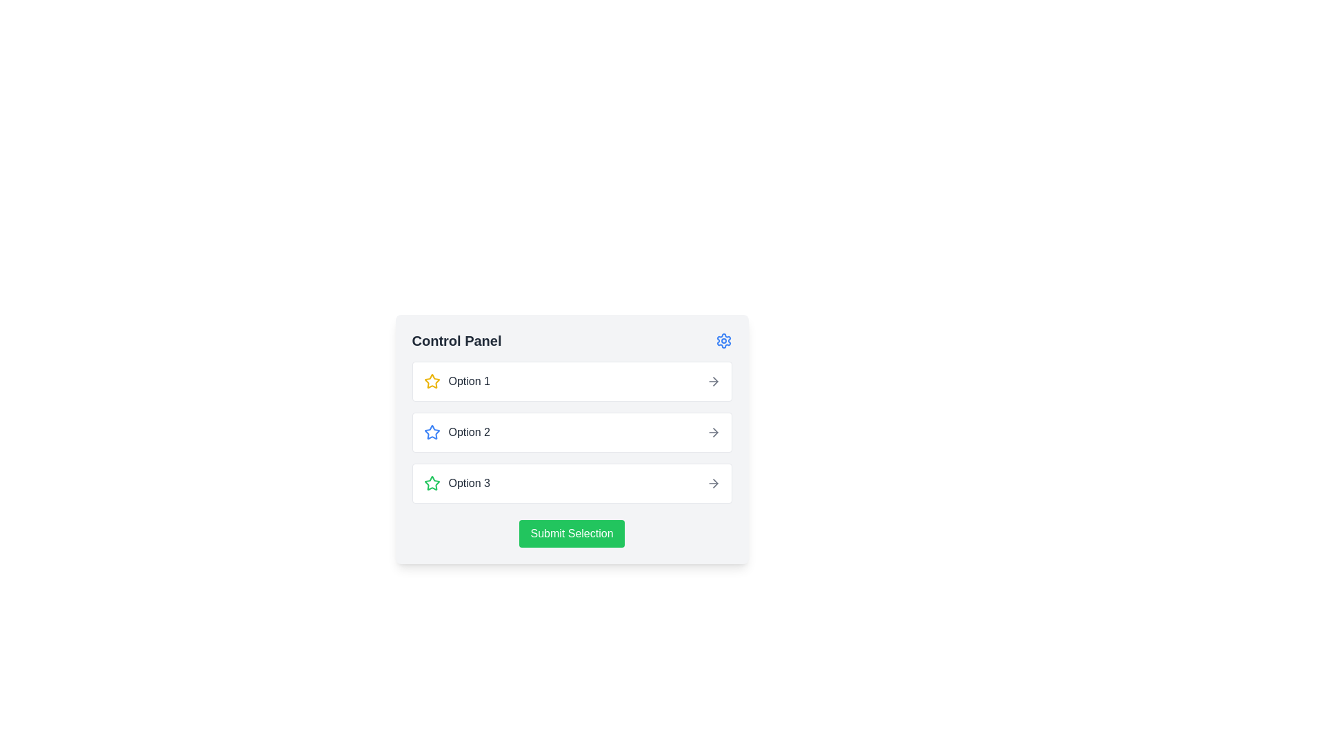  What do you see at coordinates (715, 432) in the screenshot?
I see `the arrow icon associated with the 'Option 2' item` at bounding box center [715, 432].